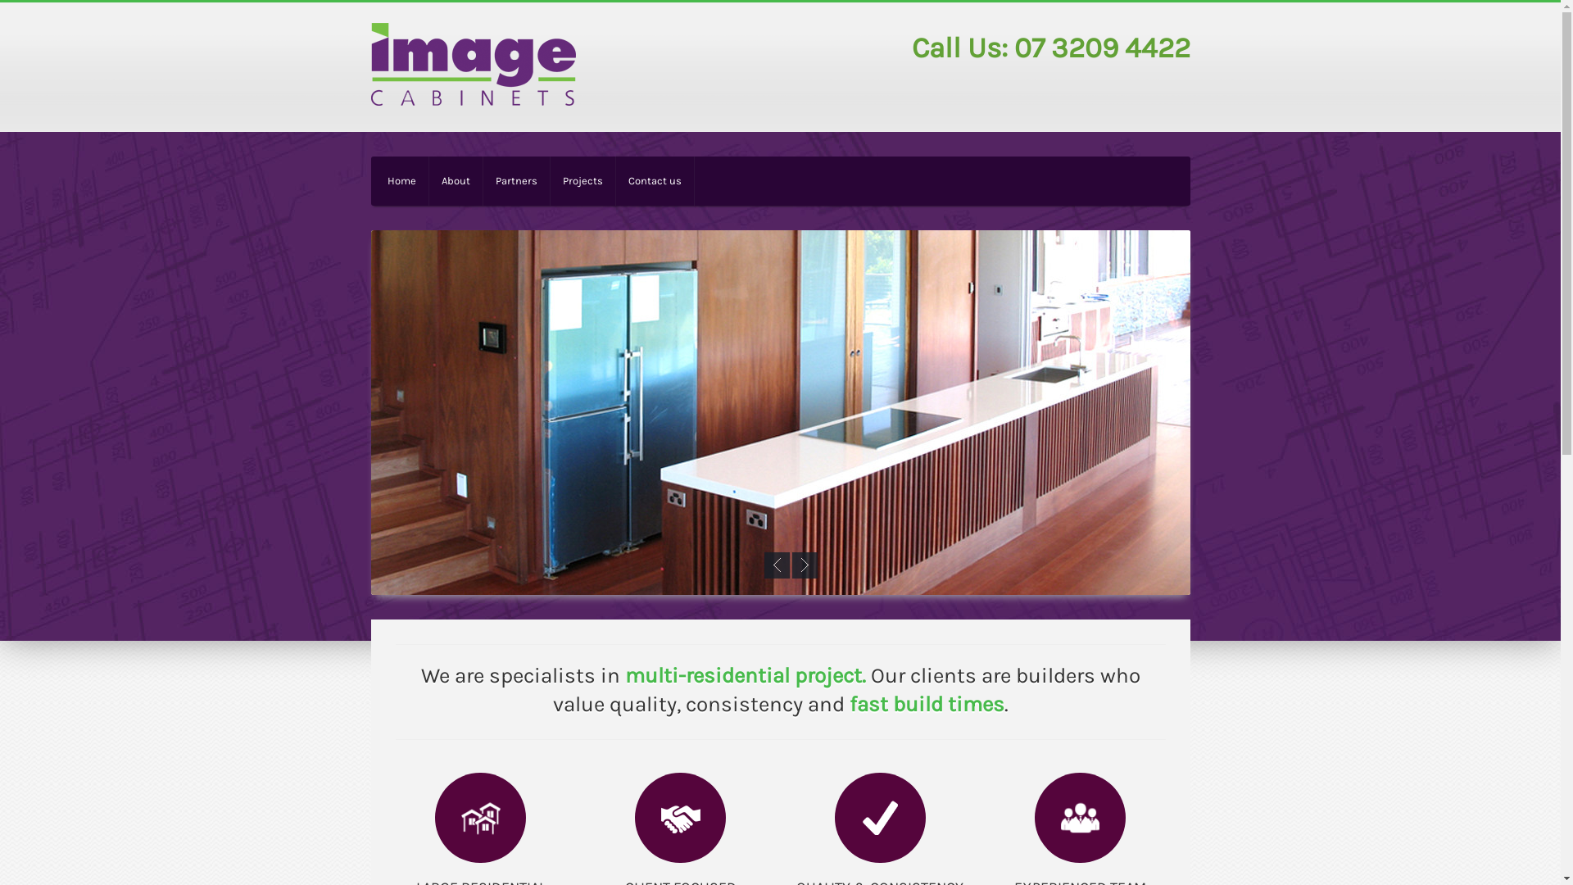  Describe the element at coordinates (804, 565) in the screenshot. I see `'Next'` at that location.